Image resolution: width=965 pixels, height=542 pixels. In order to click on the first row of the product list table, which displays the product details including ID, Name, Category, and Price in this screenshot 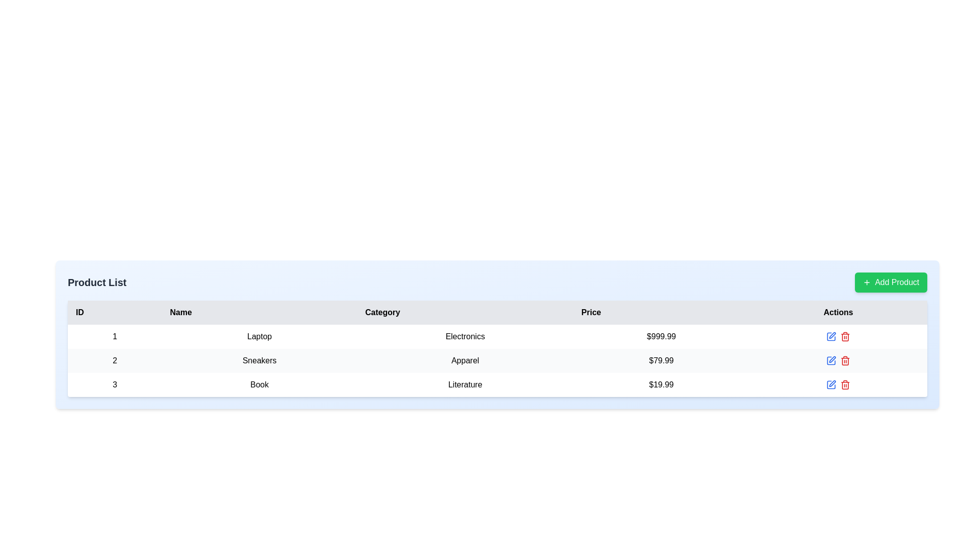, I will do `click(497, 337)`.